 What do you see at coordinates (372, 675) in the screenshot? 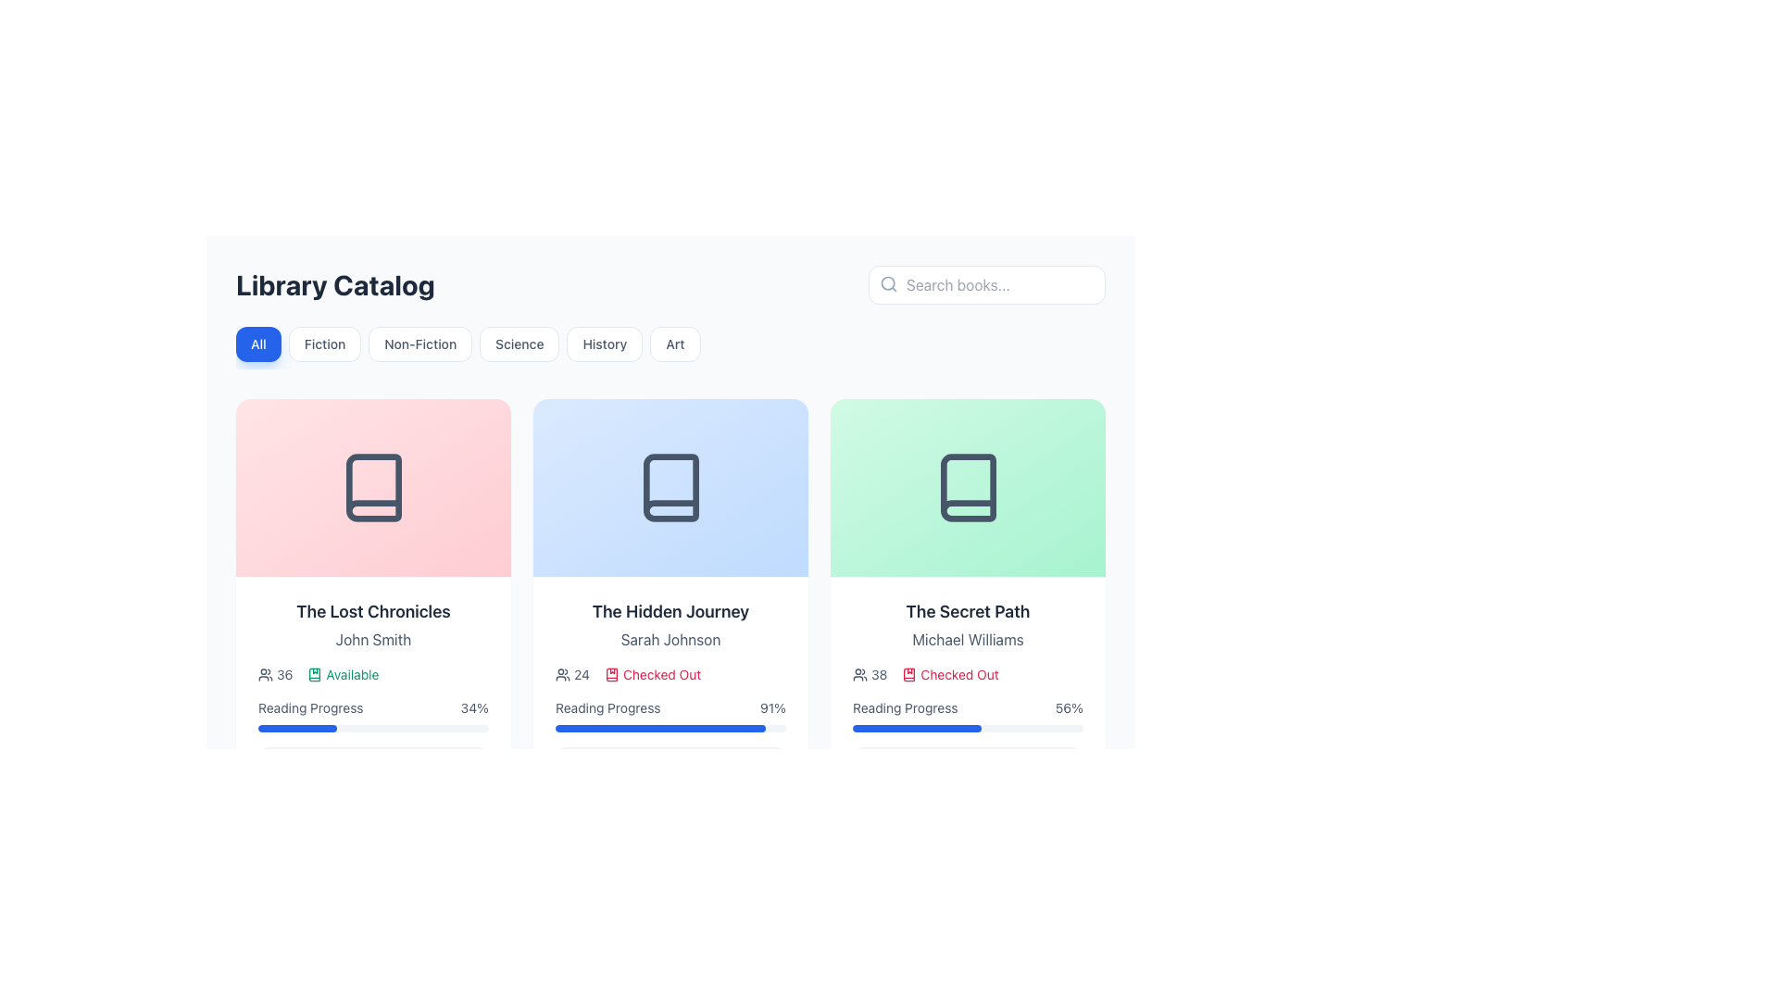
I see `the text label displaying the availability of 36 copies of 'The Lost Chronicles' by John Smith, located in the center of the book card, above the reading progress label` at bounding box center [372, 675].